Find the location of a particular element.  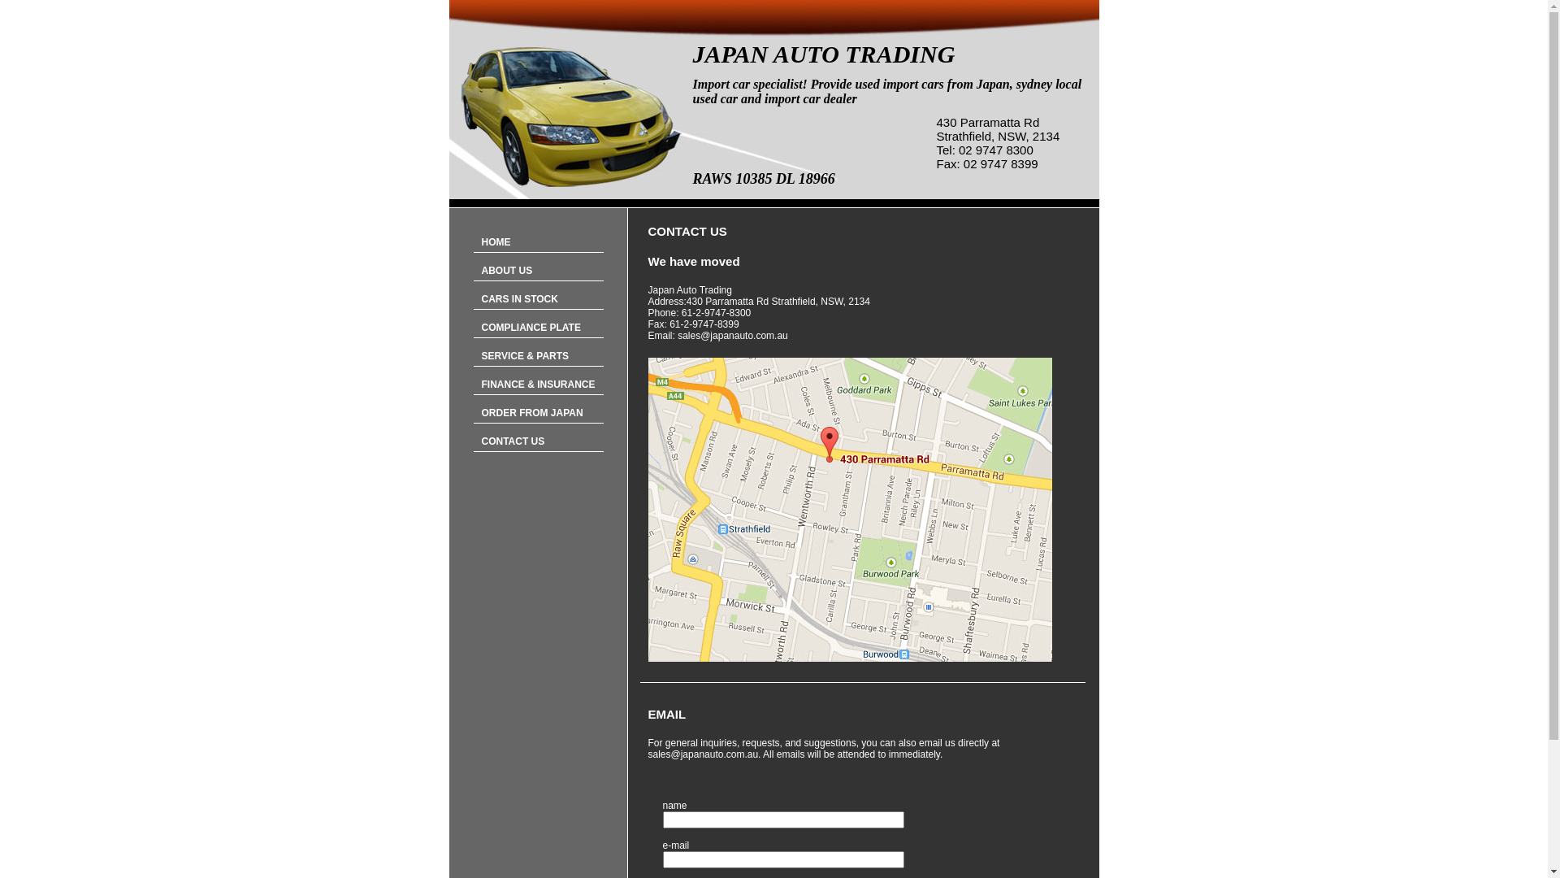

'HOME' is located at coordinates (538, 242).